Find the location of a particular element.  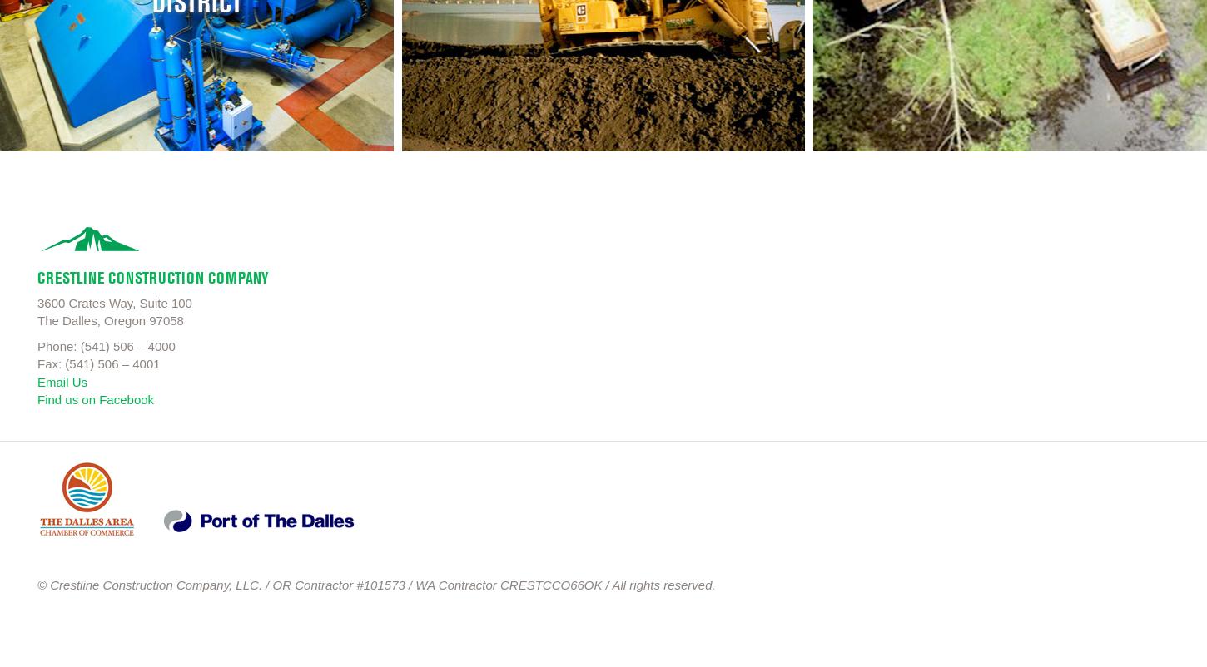

'dalles-chamber' is located at coordinates (138, 464).